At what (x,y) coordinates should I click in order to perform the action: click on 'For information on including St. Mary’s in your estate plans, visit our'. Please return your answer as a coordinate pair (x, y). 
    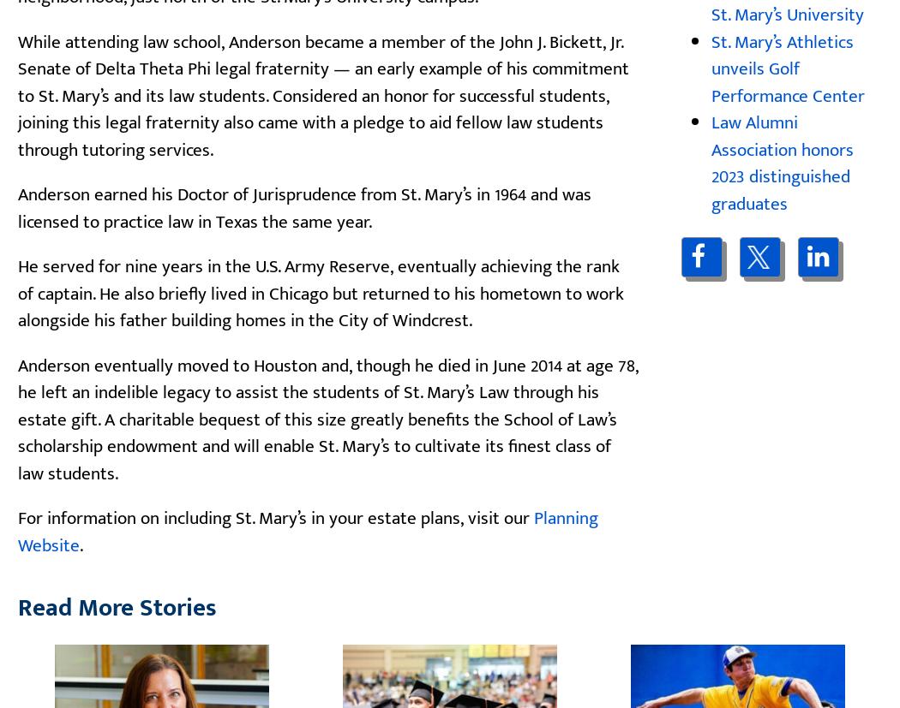
    Looking at the image, I should click on (276, 517).